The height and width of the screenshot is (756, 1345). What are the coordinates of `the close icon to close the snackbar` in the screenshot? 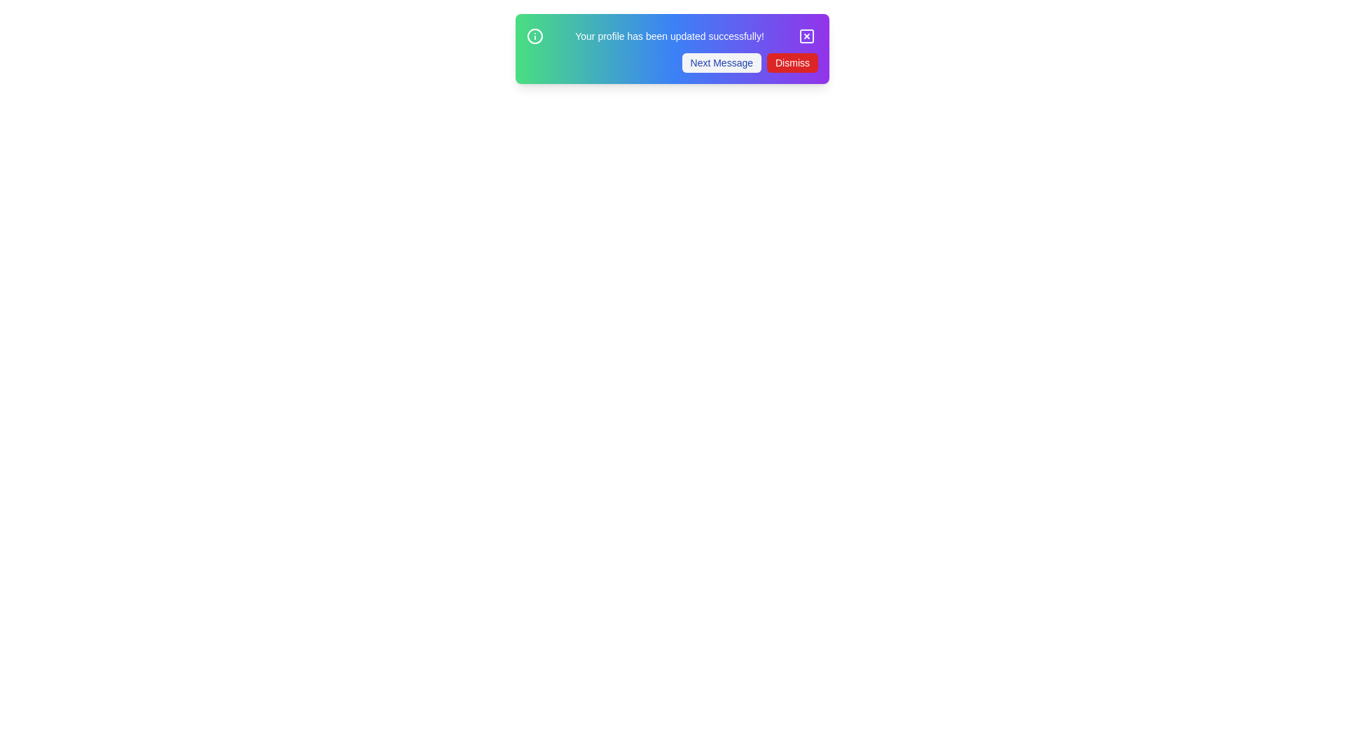 It's located at (807, 35).